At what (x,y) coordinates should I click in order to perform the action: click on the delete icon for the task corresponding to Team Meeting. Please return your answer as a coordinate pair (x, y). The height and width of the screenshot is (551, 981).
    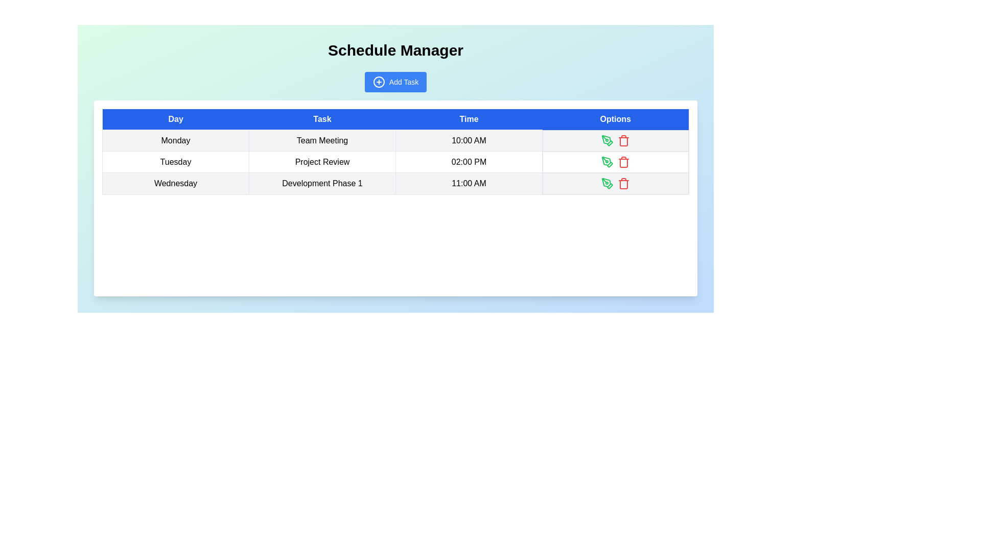
    Looking at the image, I should click on (623, 140).